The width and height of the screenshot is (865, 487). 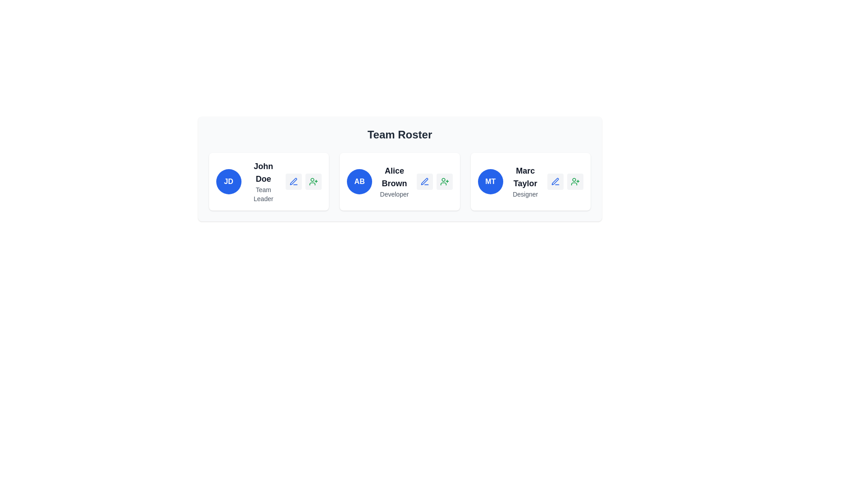 What do you see at coordinates (314, 181) in the screenshot?
I see `the green-highlighted person icon with a plus sign located on John Doe's profile card, which is the second icon from the right in the horizontal arrangement of interactive icons` at bounding box center [314, 181].